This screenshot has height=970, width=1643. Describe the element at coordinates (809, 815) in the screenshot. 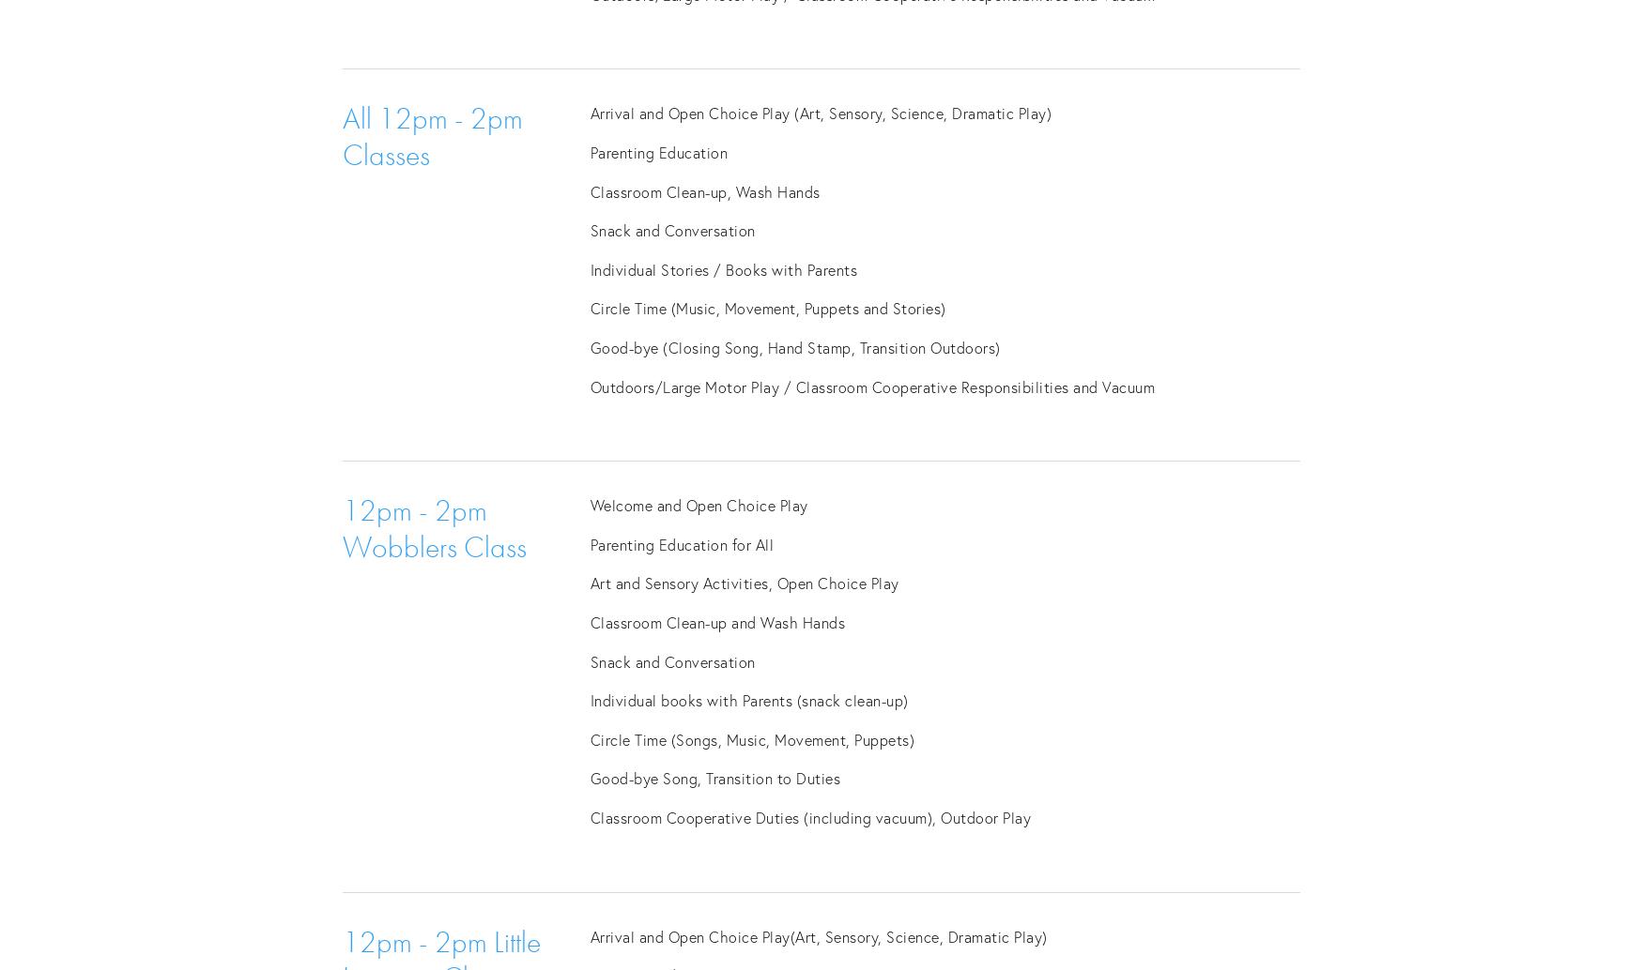

I see `'Classroom Cooperative Duties (including vacuum), Outdoor Play'` at that location.